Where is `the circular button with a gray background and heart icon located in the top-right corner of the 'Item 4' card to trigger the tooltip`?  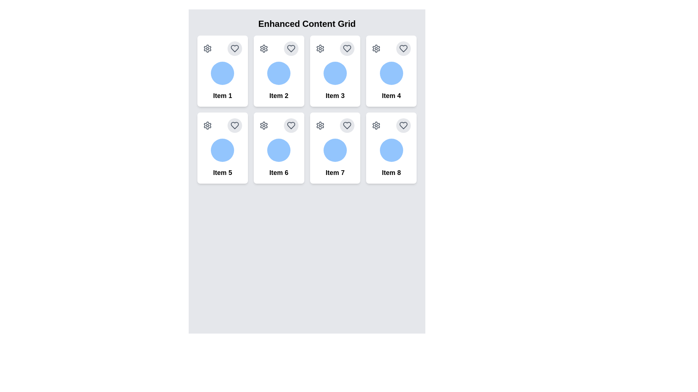
the circular button with a gray background and heart icon located in the top-right corner of the 'Item 4' card to trigger the tooltip is located at coordinates (403, 49).